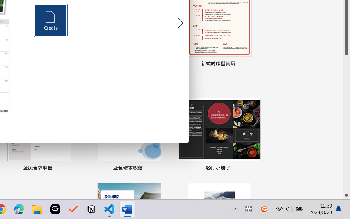 The height and width of the screenshot is (219, 350). What do you see at coordinates (19, 209) in the screenshot?
I see `'Microsoft Edge'` at bounding box center [19, 209].